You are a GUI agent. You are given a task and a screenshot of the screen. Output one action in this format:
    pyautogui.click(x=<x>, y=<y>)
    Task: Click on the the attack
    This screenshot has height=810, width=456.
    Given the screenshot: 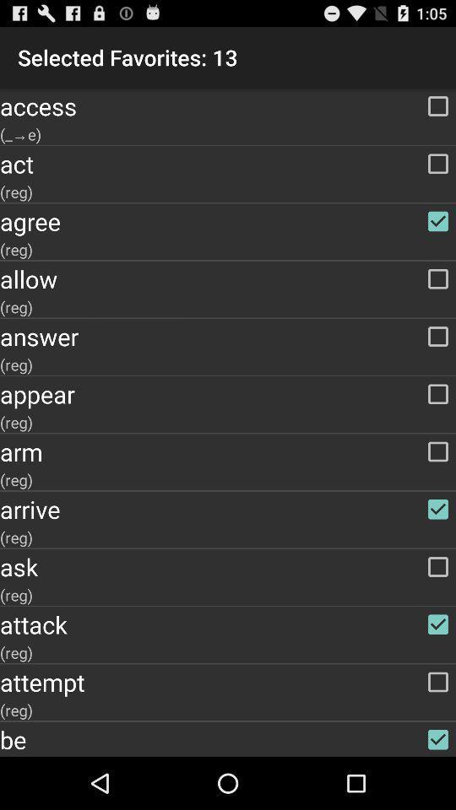 What is the action you would take?
    pyautogui.click(x=228, y=624)
    